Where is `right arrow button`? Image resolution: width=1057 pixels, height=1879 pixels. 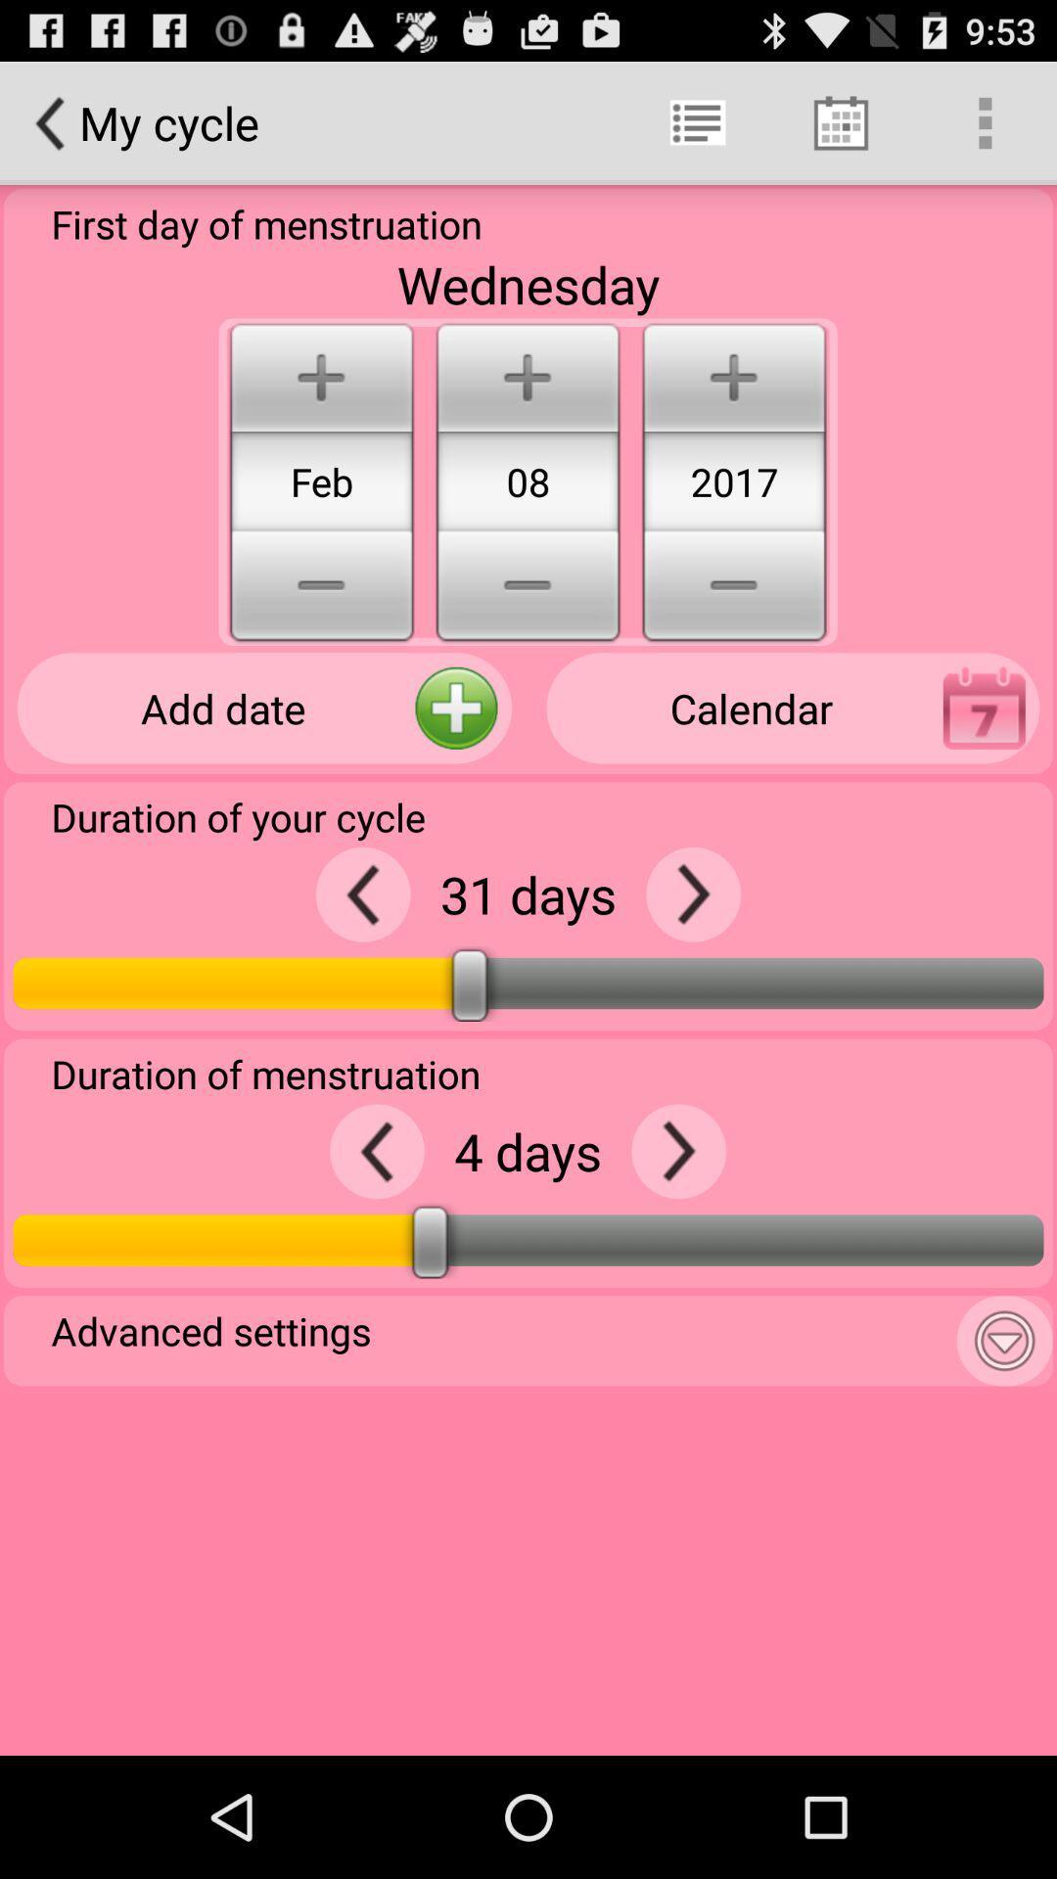
right arrow button is located at coordinates (692, 894).